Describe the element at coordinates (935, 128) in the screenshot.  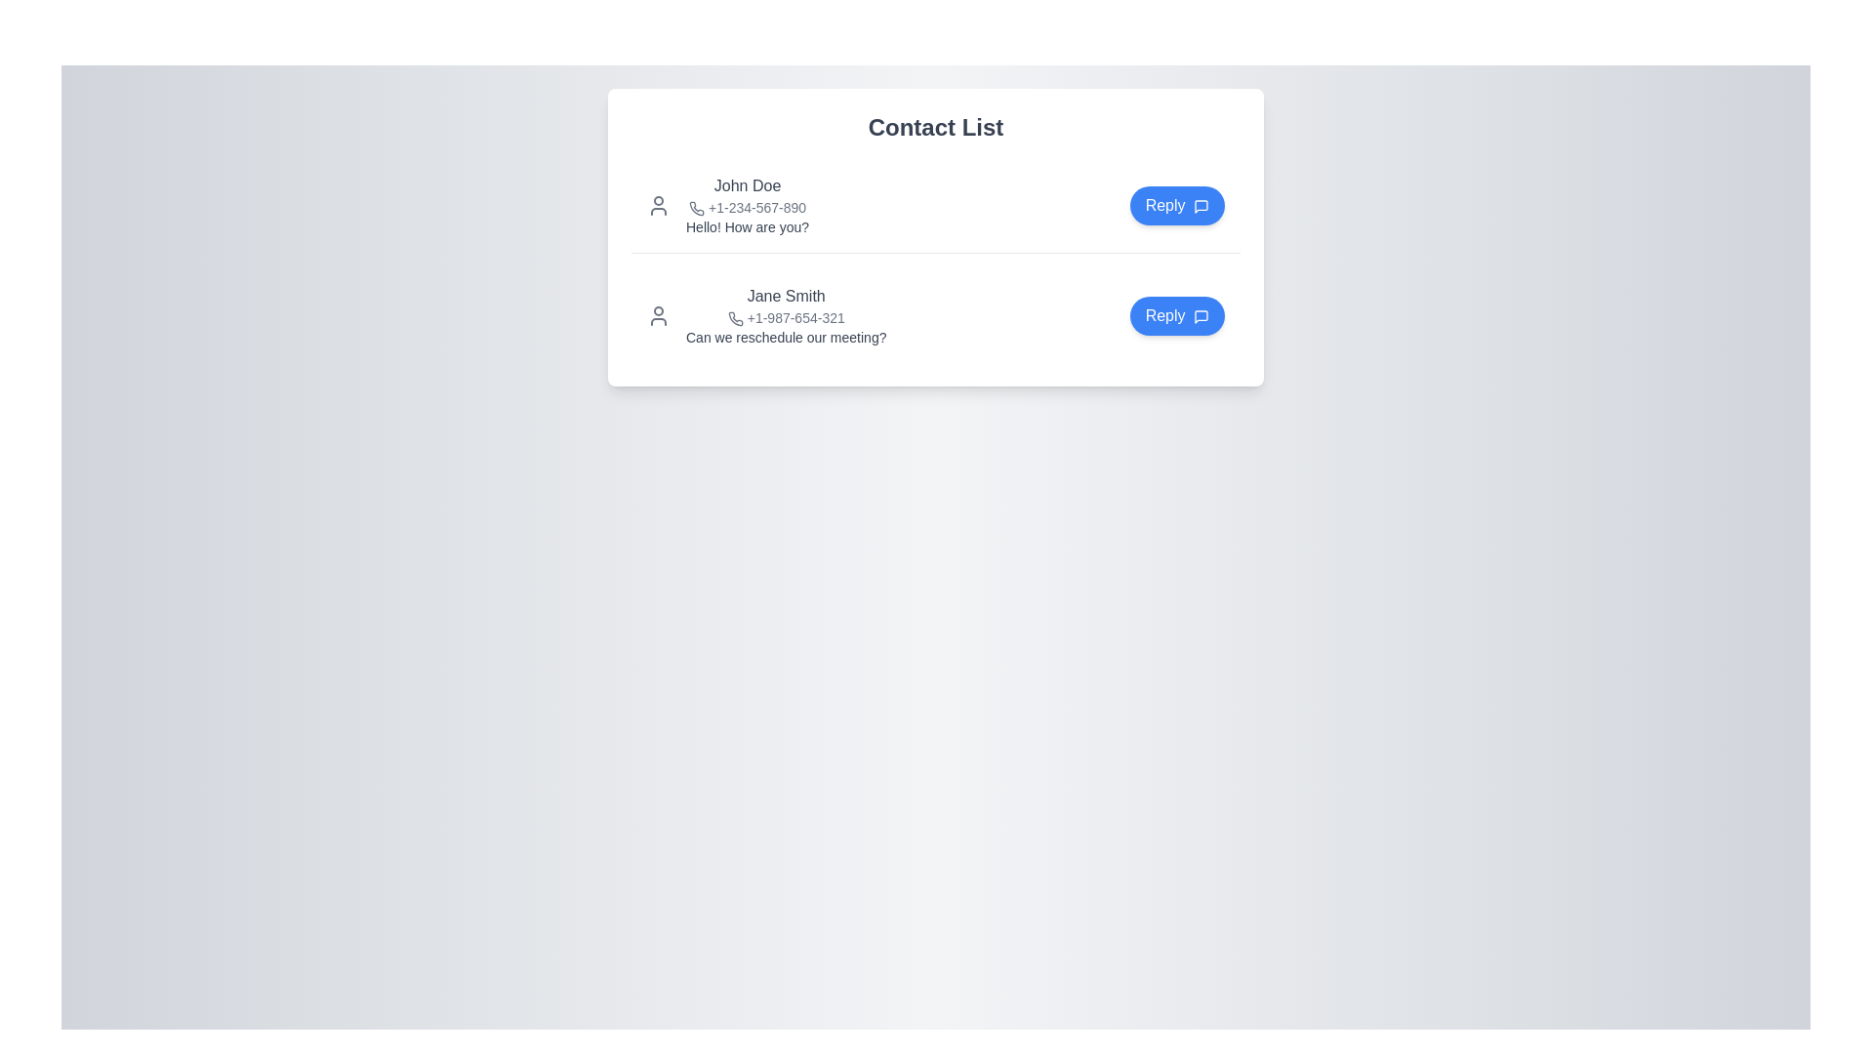
I see `the prominently styled static text label that reads 'Contact List', which is a heading centered horizontally at the top of the page` at that location.